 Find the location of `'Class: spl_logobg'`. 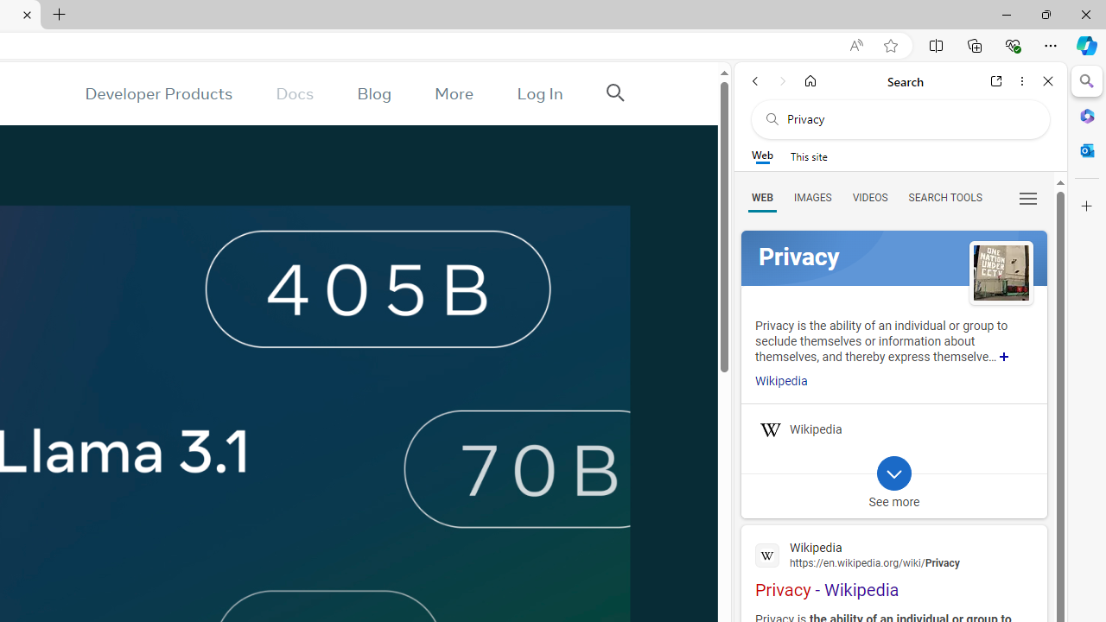

'Class: spl_logobg' is located at coordinates (893, 258).